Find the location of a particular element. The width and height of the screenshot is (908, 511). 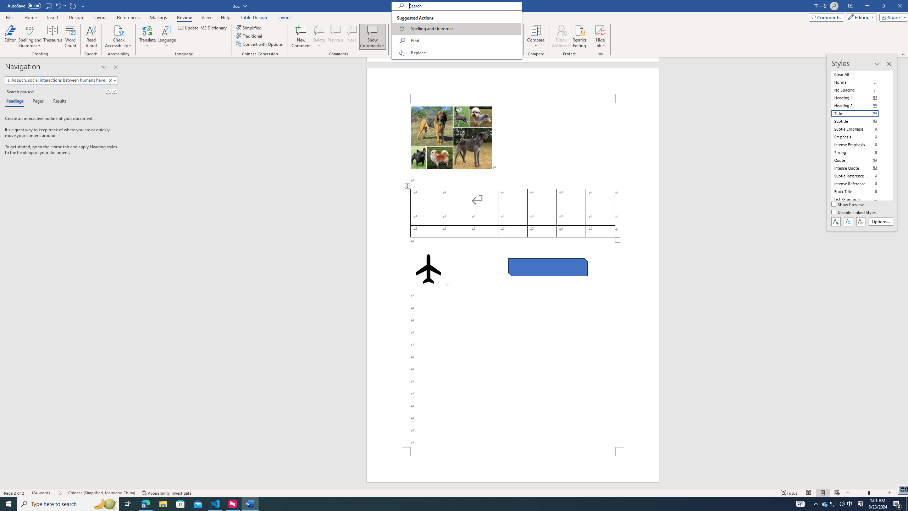

'Page 2 content' is located at coordinates (513, 275).